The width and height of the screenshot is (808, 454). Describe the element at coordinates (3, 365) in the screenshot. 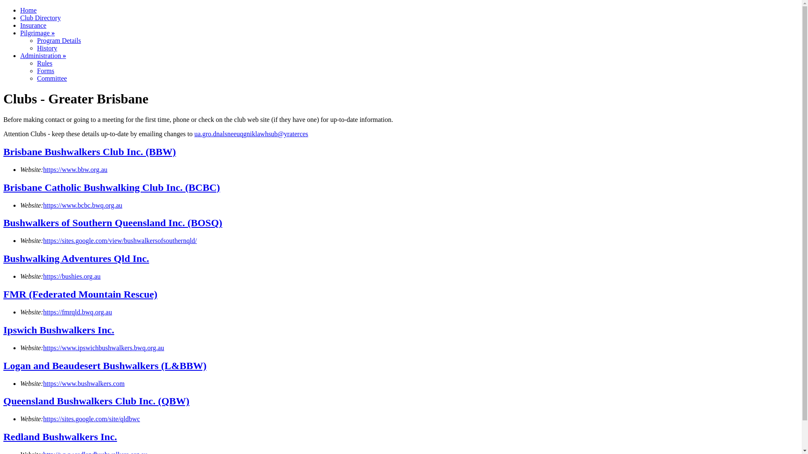

I see `'Logan and Beaudesert Bushwalkers (L&BBW)'` at that location.